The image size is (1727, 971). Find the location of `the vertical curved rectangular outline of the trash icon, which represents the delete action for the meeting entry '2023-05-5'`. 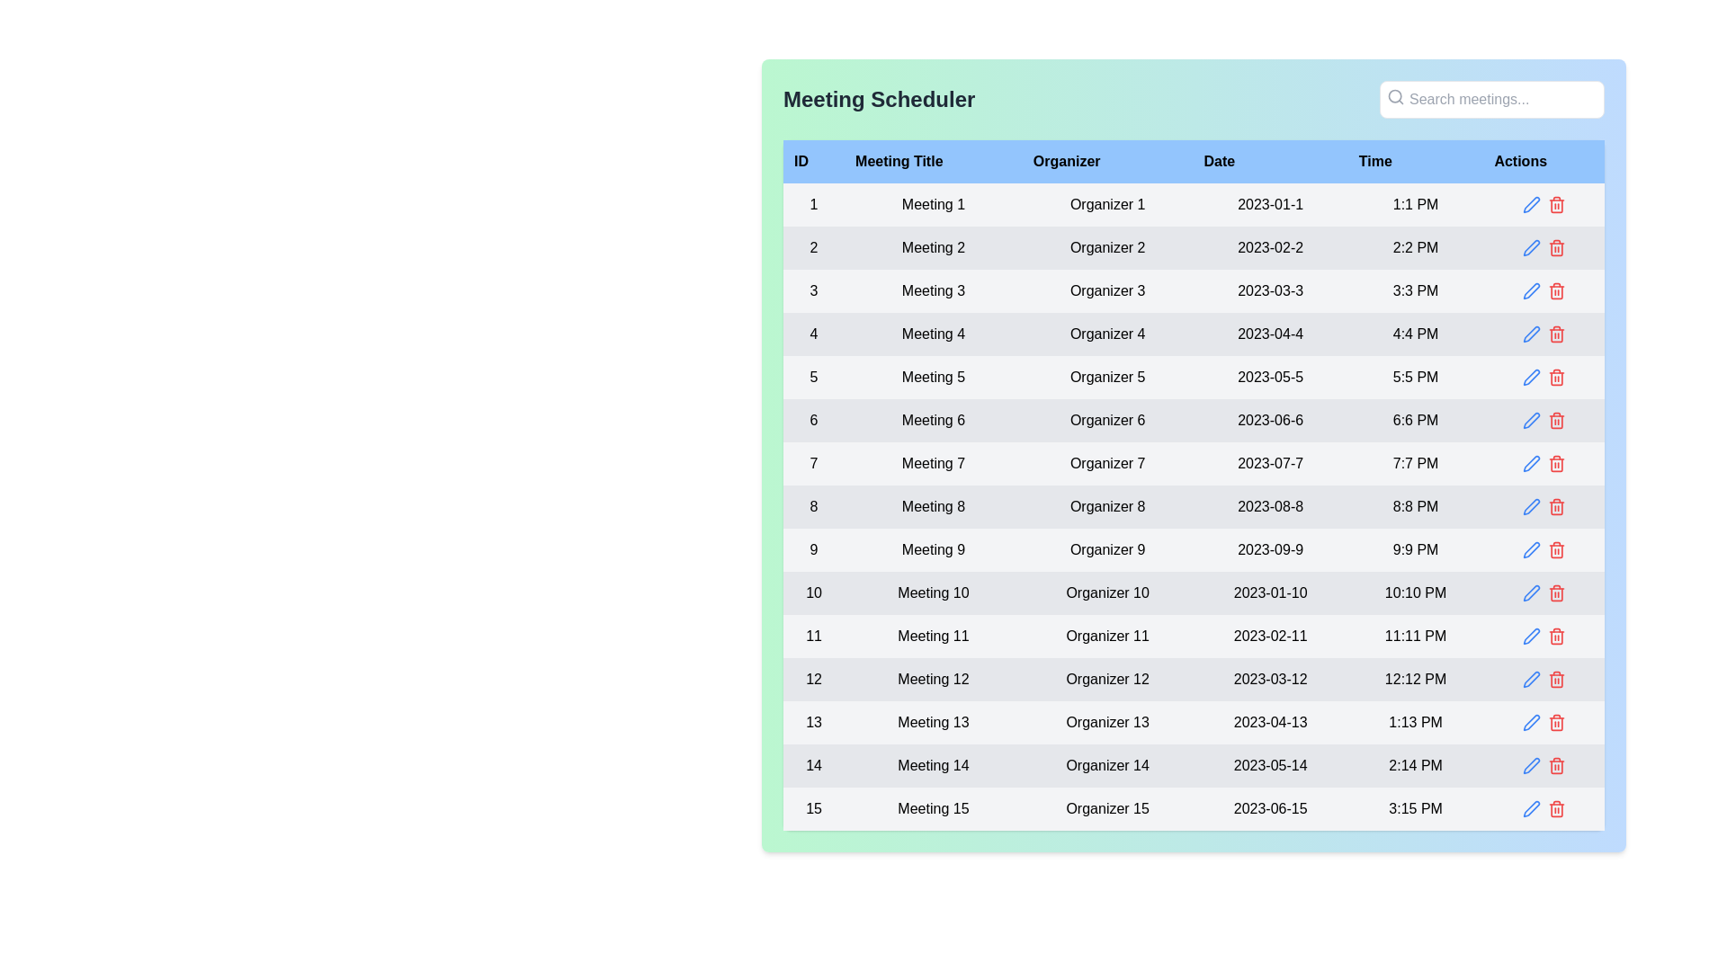

the vertical curved rectangular outline of the trash icon, which represents the delete action for the meeting entry '2023-05-5' is located at coordinates (1555, 378).